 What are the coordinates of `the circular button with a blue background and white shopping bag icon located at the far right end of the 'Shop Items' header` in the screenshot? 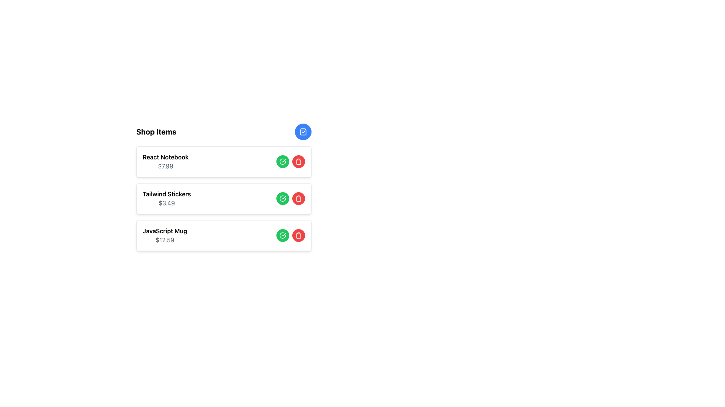 It's located at (303, 132).